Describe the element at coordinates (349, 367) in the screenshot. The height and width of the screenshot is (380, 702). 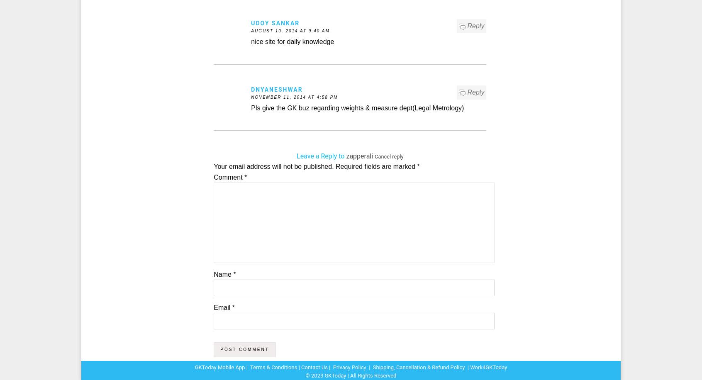
I see `'Privacy Policy'` at that location.